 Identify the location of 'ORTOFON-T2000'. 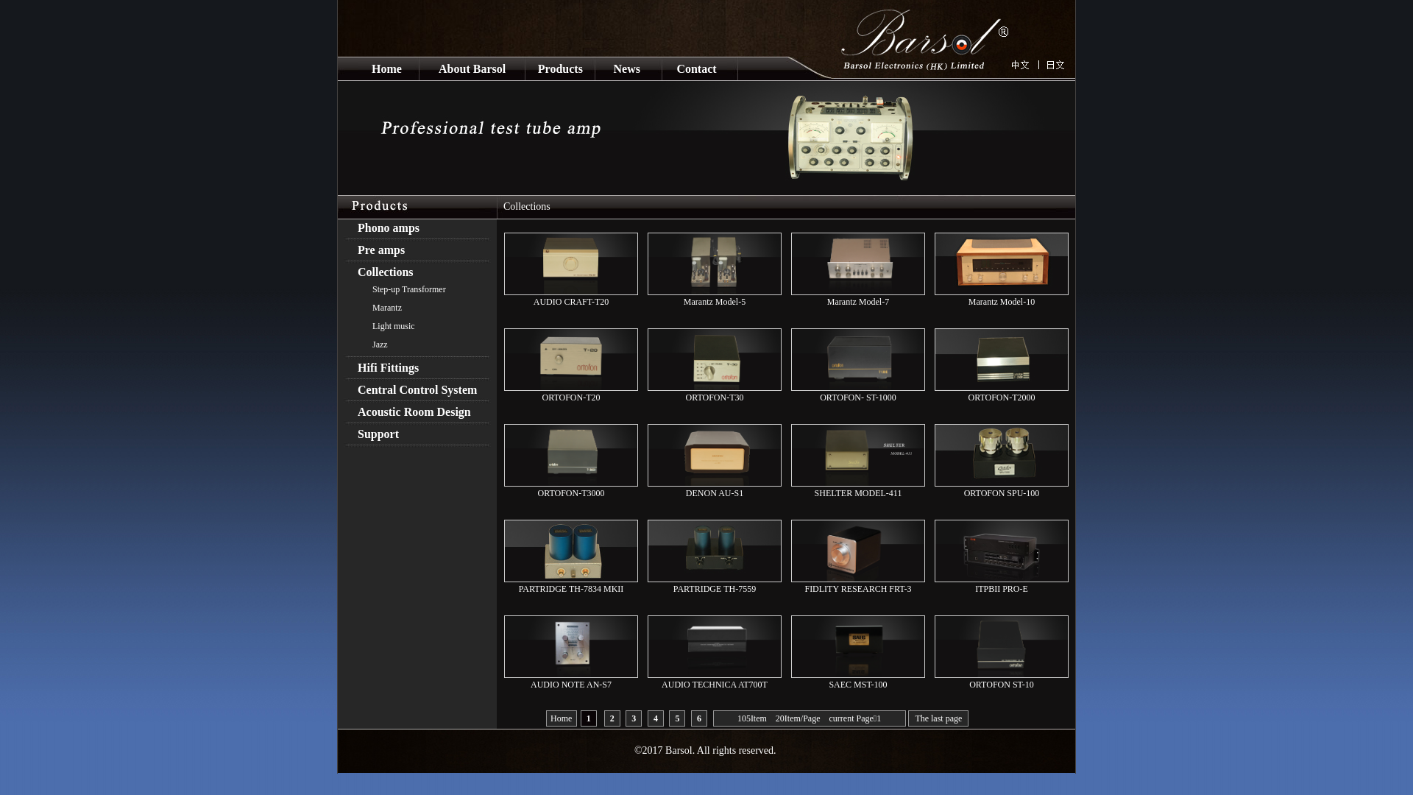
(1001, 397).